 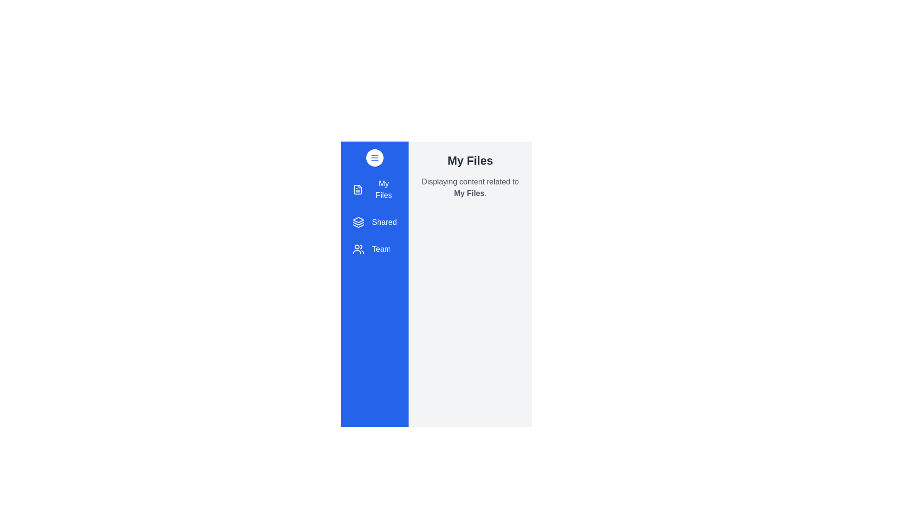 I want to click on the section My Files in the drawer to view its content, so click(x=373, y=189).